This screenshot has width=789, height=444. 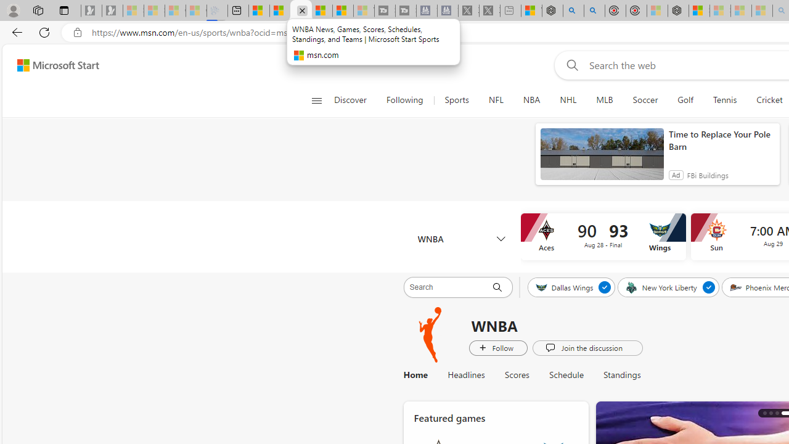 What do you see at coordinates (661, 287) in the screenshot?
I see `'New York Liberty'` at bounding box center [661, 287].